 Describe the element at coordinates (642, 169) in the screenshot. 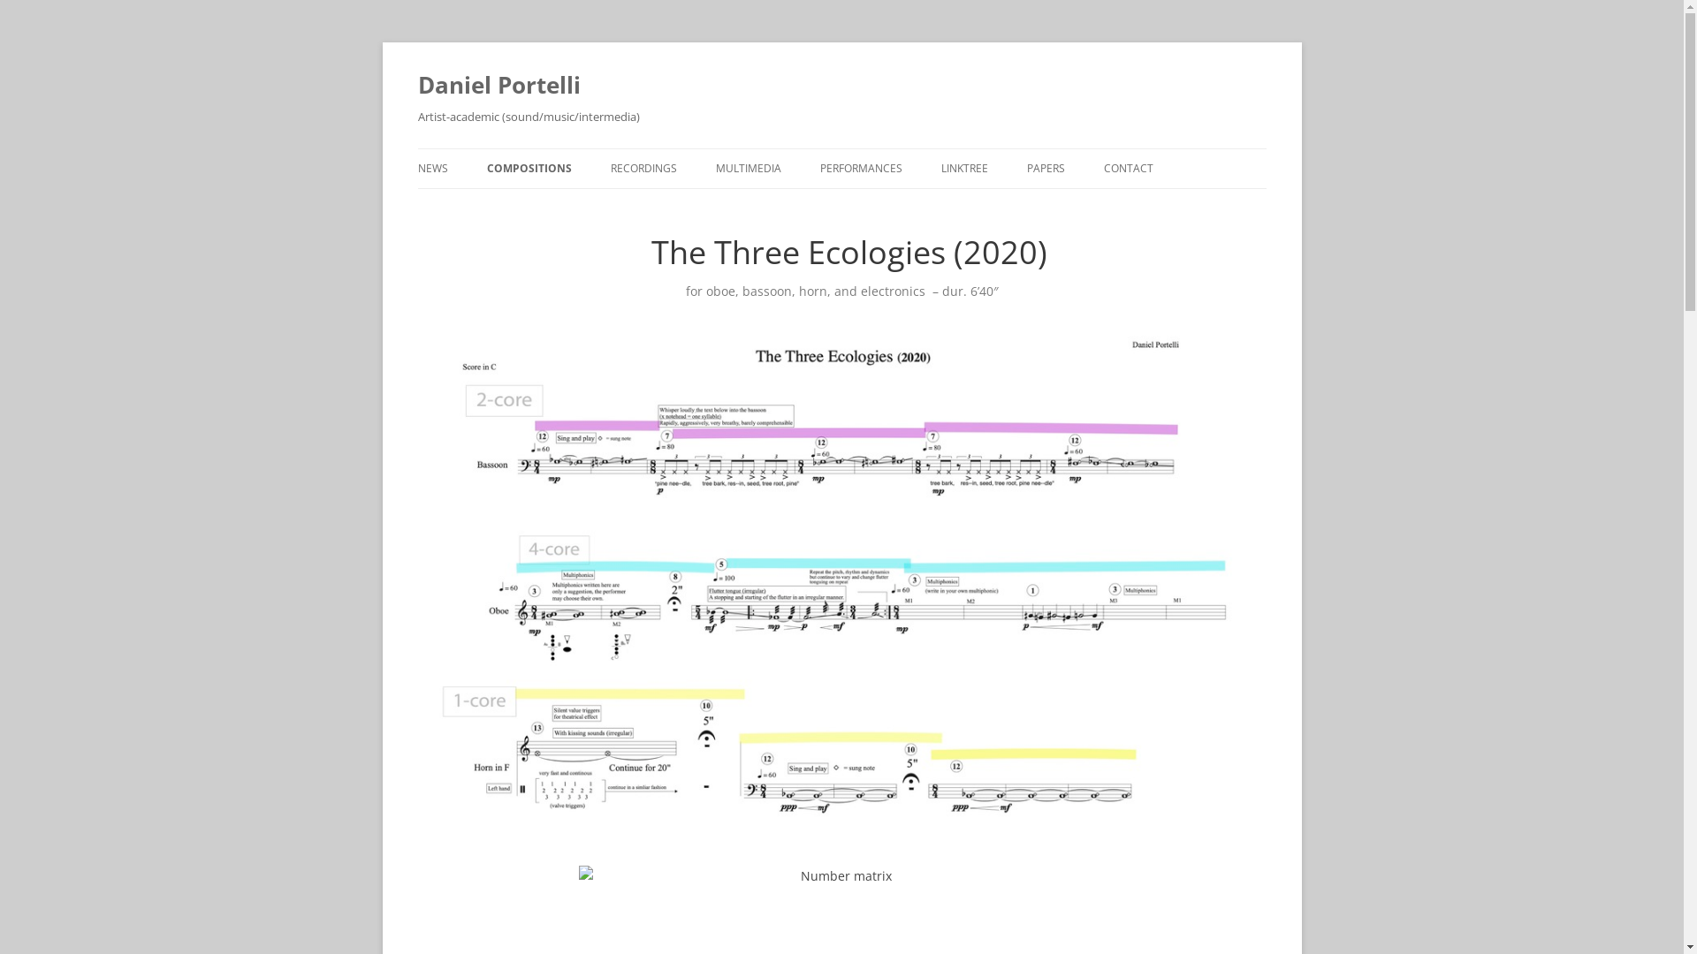

I see `'RECORDINGS'` at that location.